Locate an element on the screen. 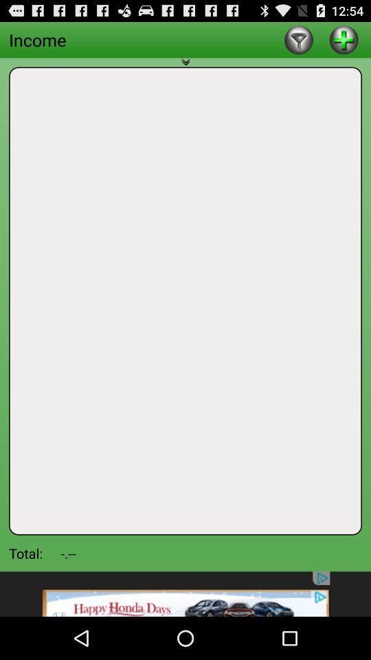 This screenshot has height=660, width=371. the expand_more icon is located at coordinates (185, 70).